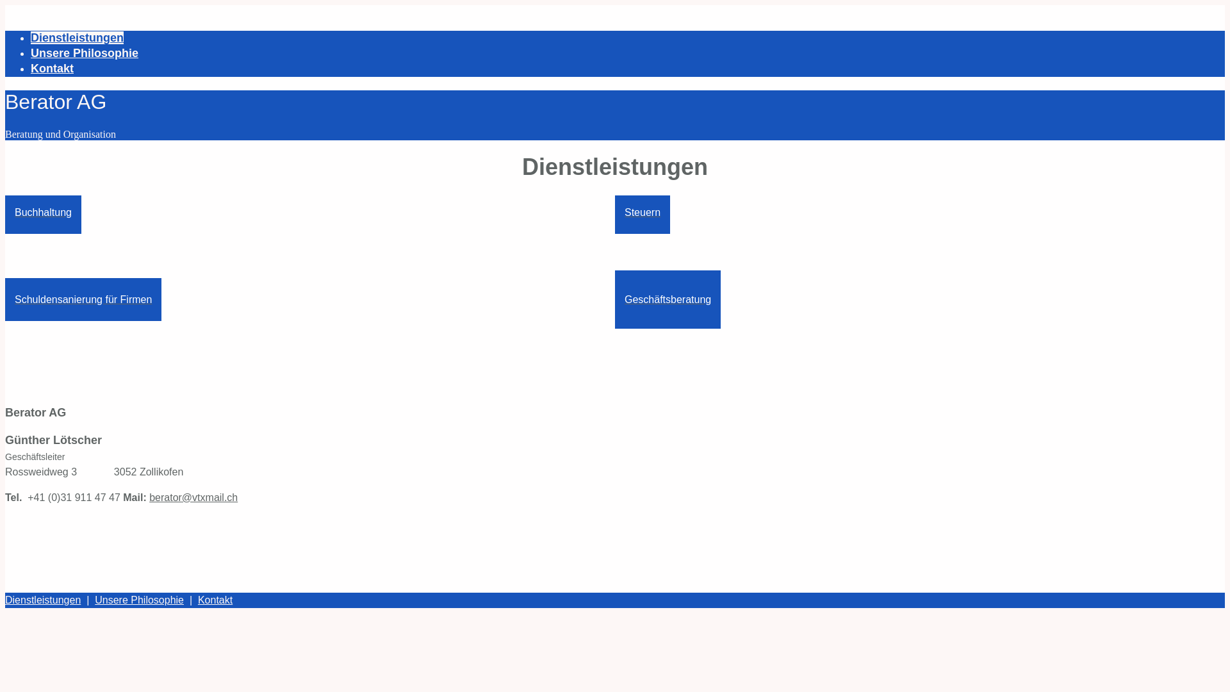  Describe the element at coordinates (43, 600) in the screenshot. I see `'Dienstleistungen'` at that location.